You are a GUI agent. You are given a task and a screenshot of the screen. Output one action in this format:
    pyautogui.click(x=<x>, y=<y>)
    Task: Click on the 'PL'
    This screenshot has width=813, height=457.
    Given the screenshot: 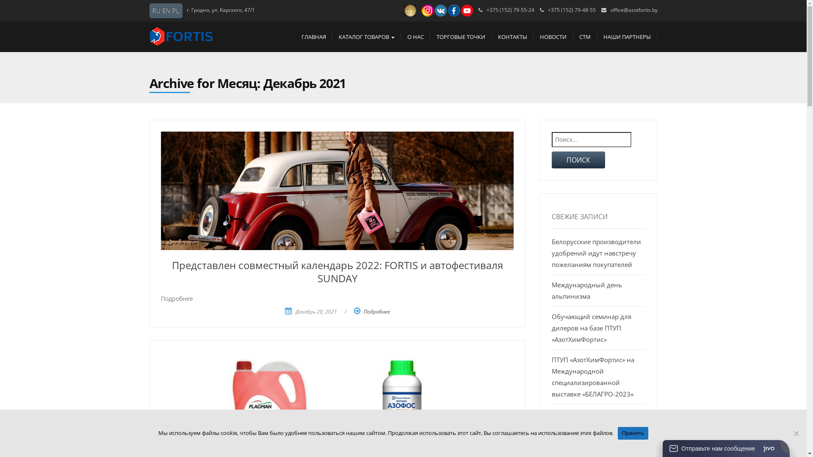 What is the action you would take?
    pyautogui.click(x=175, y=10)
    